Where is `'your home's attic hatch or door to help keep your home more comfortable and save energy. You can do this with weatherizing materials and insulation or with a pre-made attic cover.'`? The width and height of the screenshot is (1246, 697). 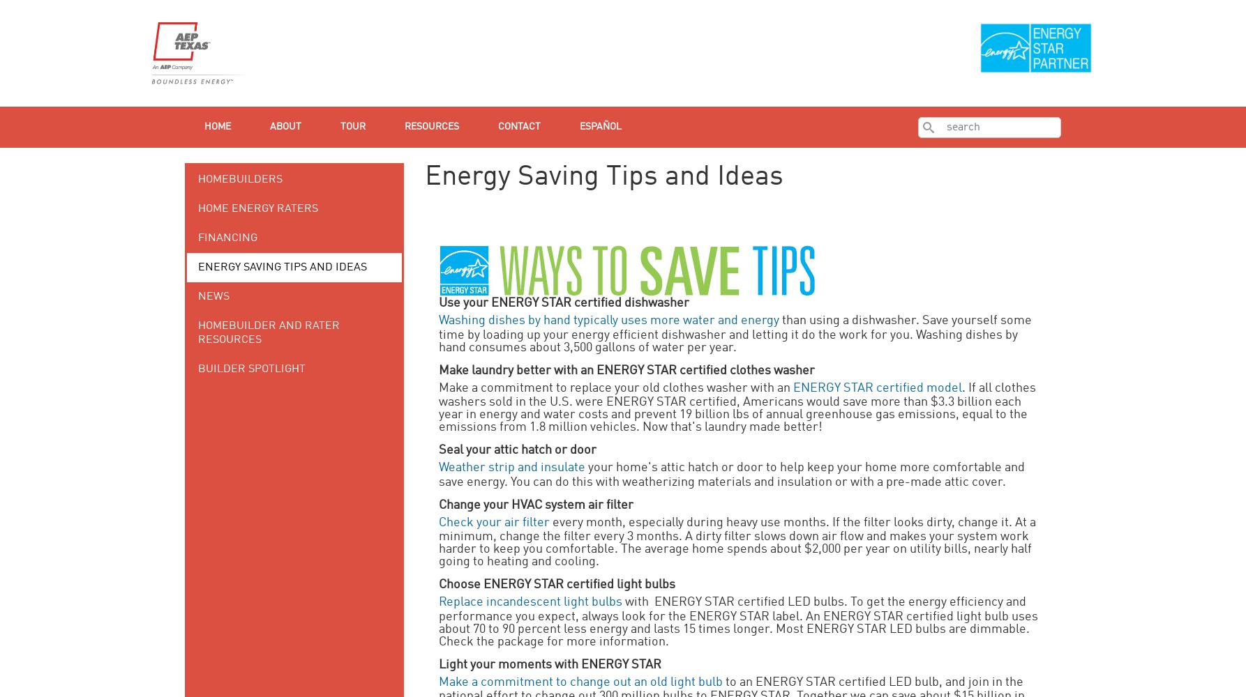 'your home's attic hatch or door to help keep your home more comfortable and save energy. You can do this with weatherizing materials and insulation or with a pre-made attic cover.' is located at coordinates (439, 475).